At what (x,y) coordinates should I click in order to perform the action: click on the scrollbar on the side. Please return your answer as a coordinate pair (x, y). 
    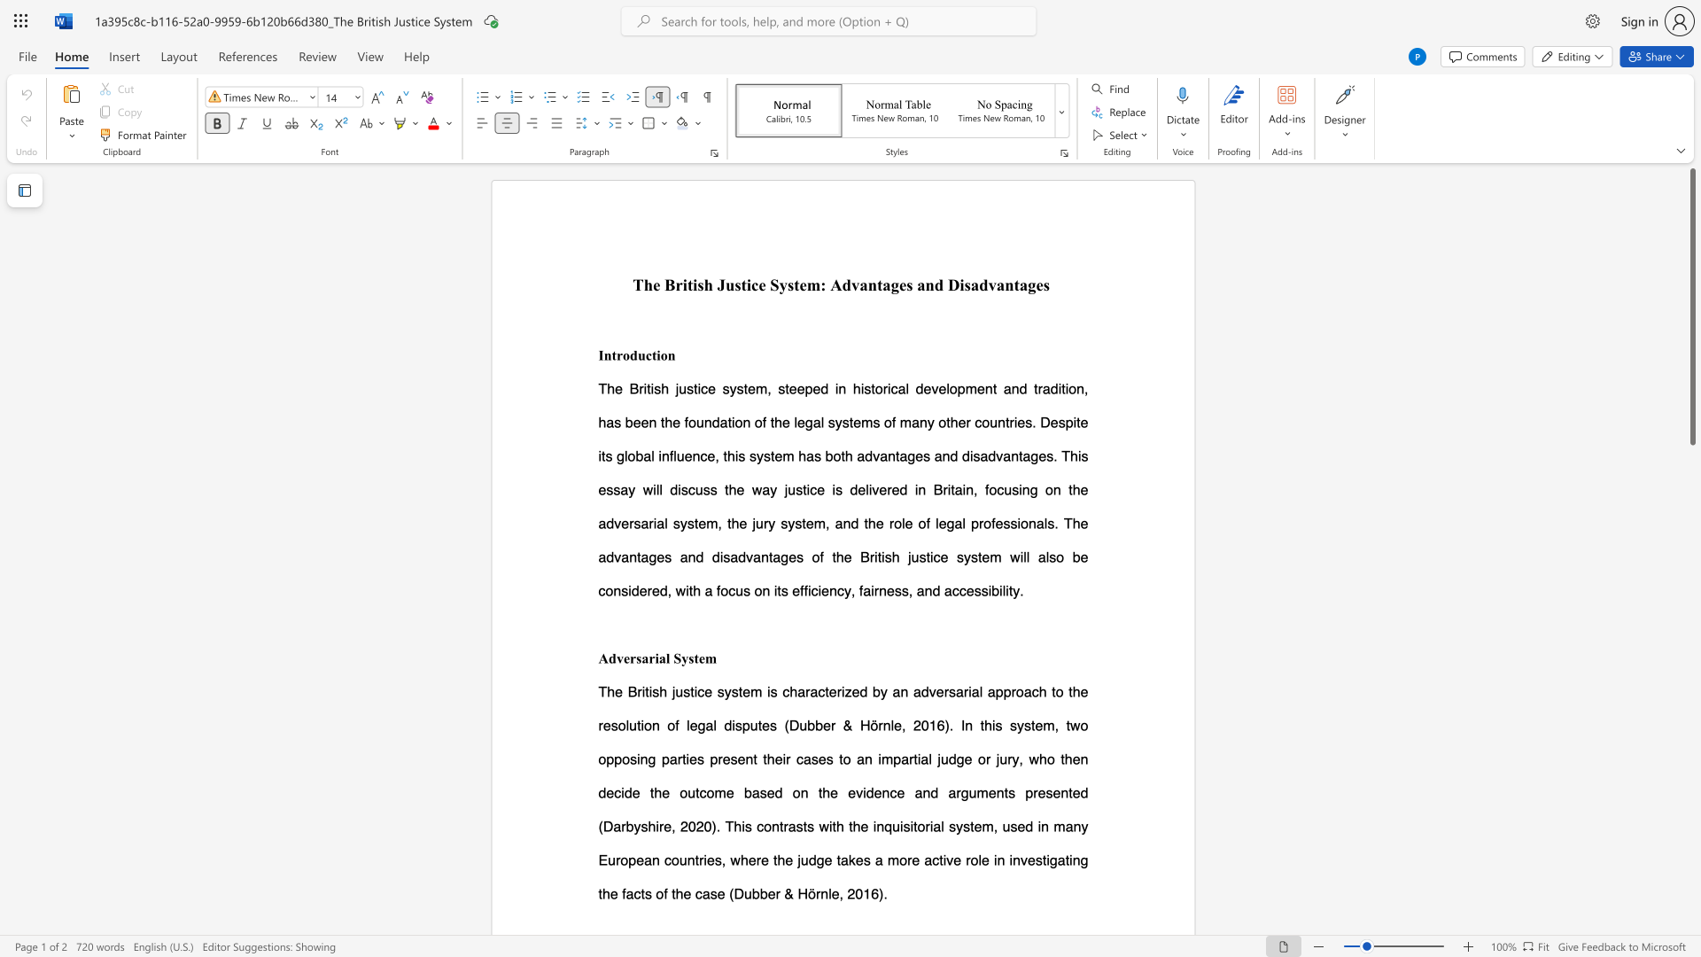
    Looking at the image, I should click on (1691, 584).